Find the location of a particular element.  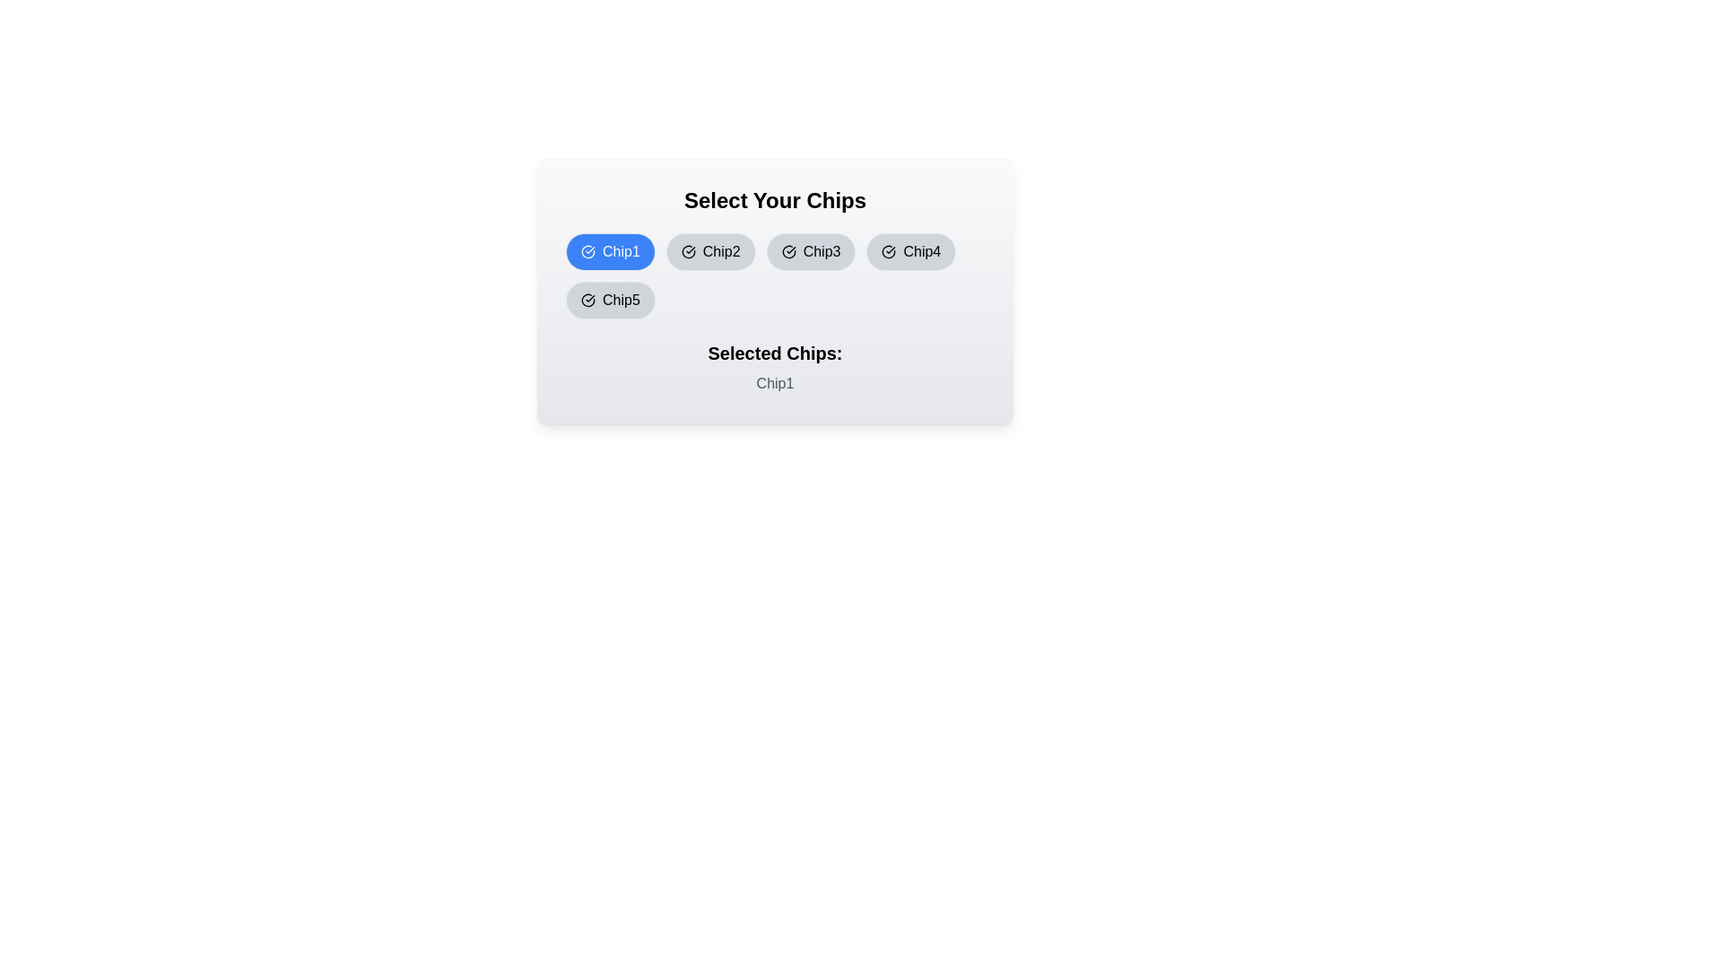

the chip labeled Chip5 by clicking on it is located at coordinates (610, 300).